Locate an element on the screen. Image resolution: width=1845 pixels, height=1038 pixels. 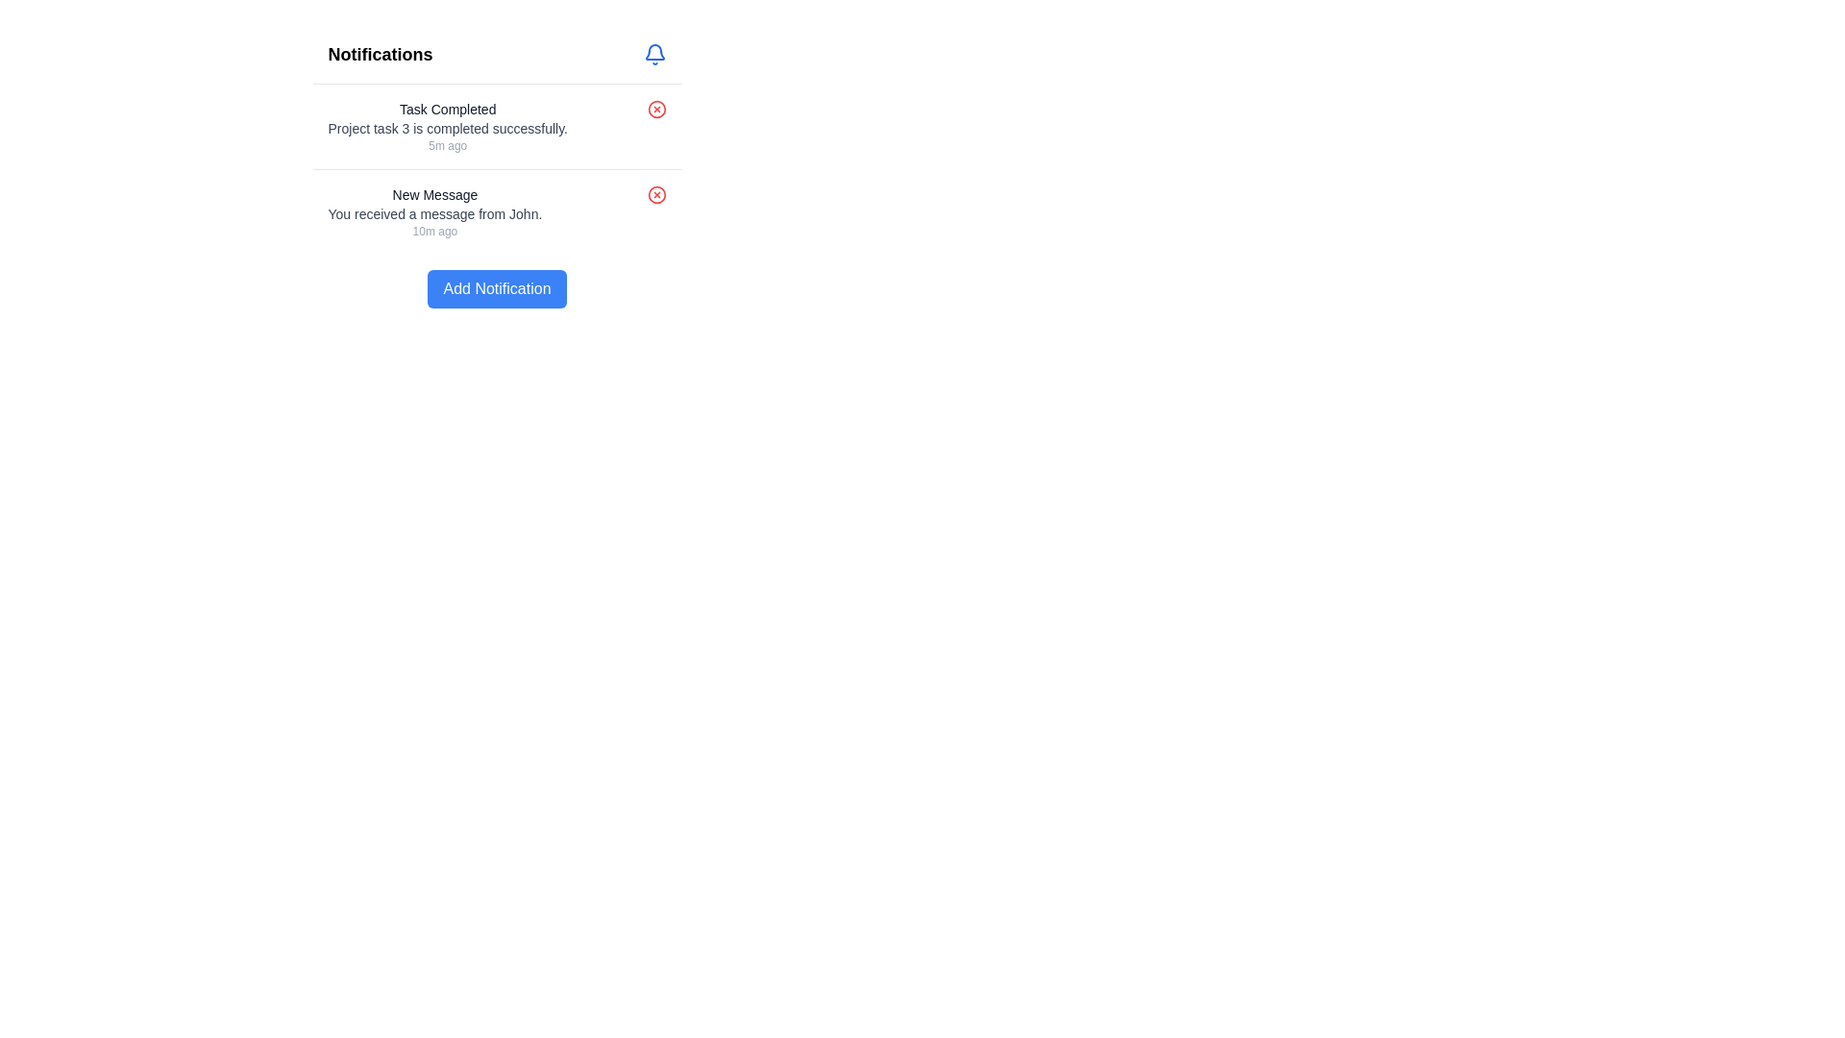
the timestamp text element located at the bottom-right corner of the 'New Message' notification, which is the second notification in the list, below the message 'You received a message from John.' is located at coordinates (433, 230).